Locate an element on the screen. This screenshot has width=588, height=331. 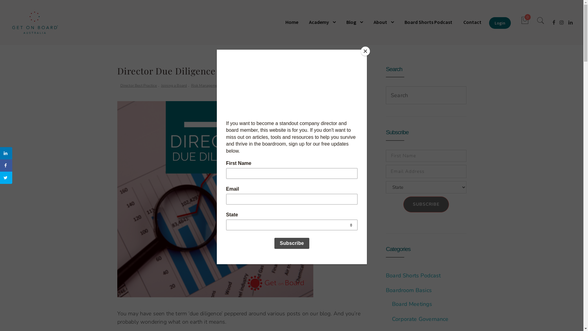
'Board Meetings' is located at coordinates (392, 304).